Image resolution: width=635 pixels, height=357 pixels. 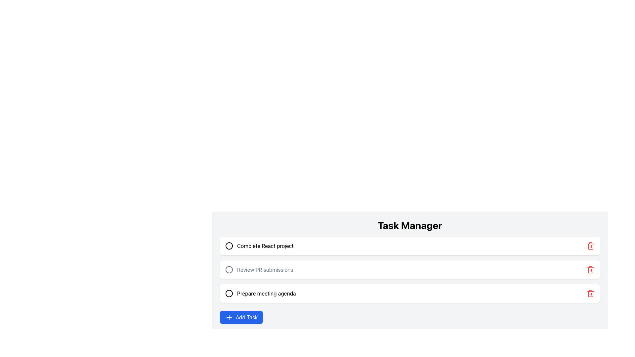 I want to click on the circular checkbox or status indicator in the 'Task Manager' interface that indicates the completion state of the task, so click(x=229, y=246).